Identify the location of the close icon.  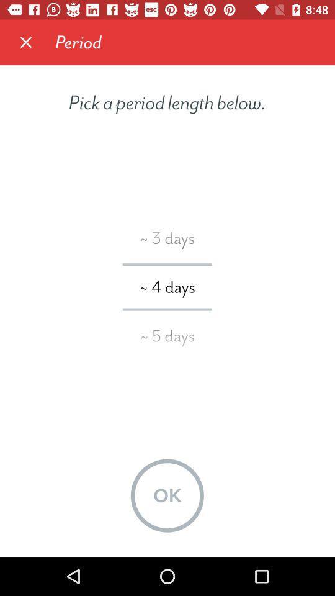
(26, 42).